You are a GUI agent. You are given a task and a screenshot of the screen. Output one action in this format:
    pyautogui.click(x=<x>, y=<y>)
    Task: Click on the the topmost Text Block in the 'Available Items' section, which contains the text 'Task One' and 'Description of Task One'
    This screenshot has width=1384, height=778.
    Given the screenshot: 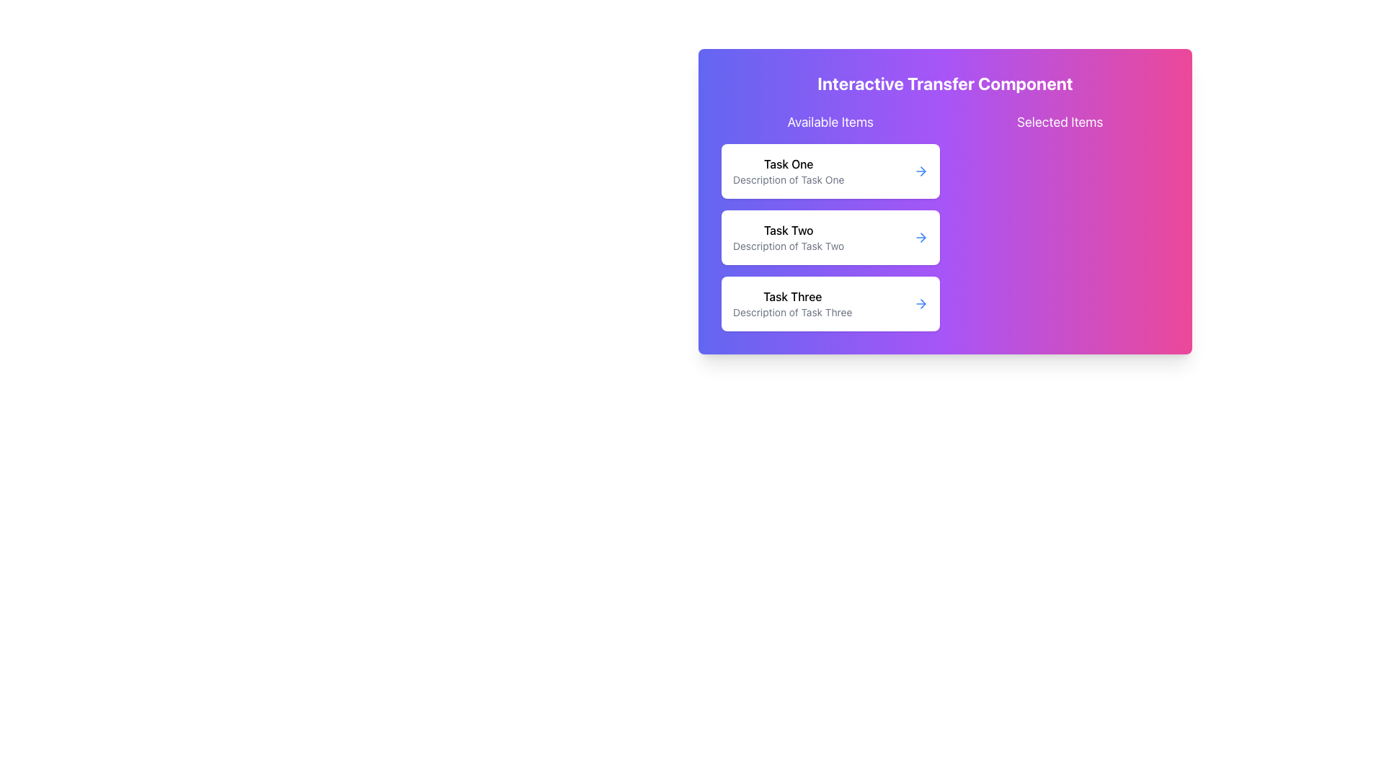 What is the action you would take?
    pyautogui.click(x=788, y=171)
    